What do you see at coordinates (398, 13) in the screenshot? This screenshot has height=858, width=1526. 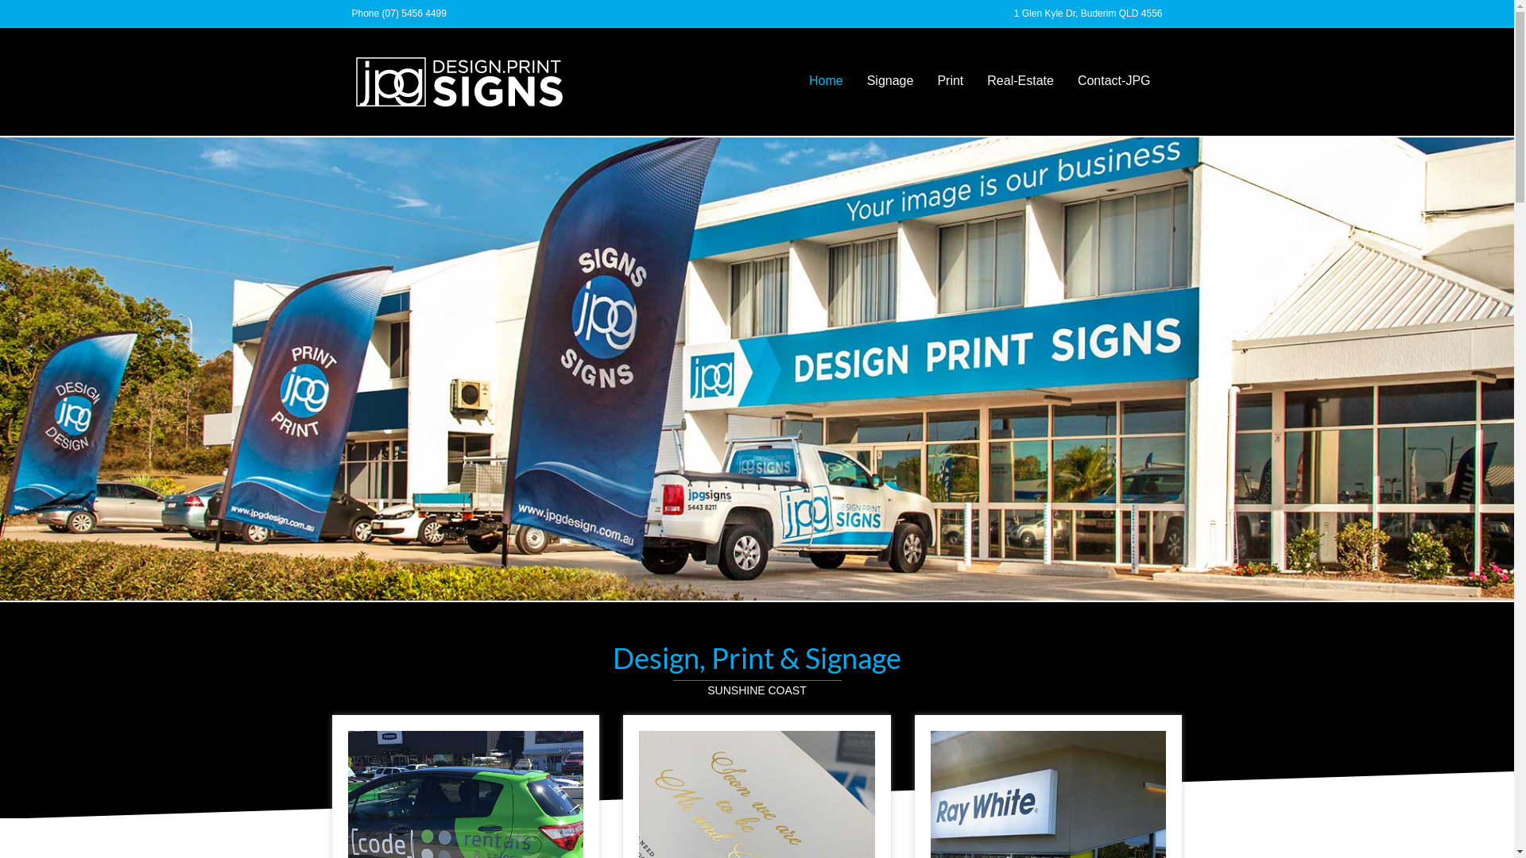 I see `'Phone (07) 5456 4499'` at bounding box center [398, 13].